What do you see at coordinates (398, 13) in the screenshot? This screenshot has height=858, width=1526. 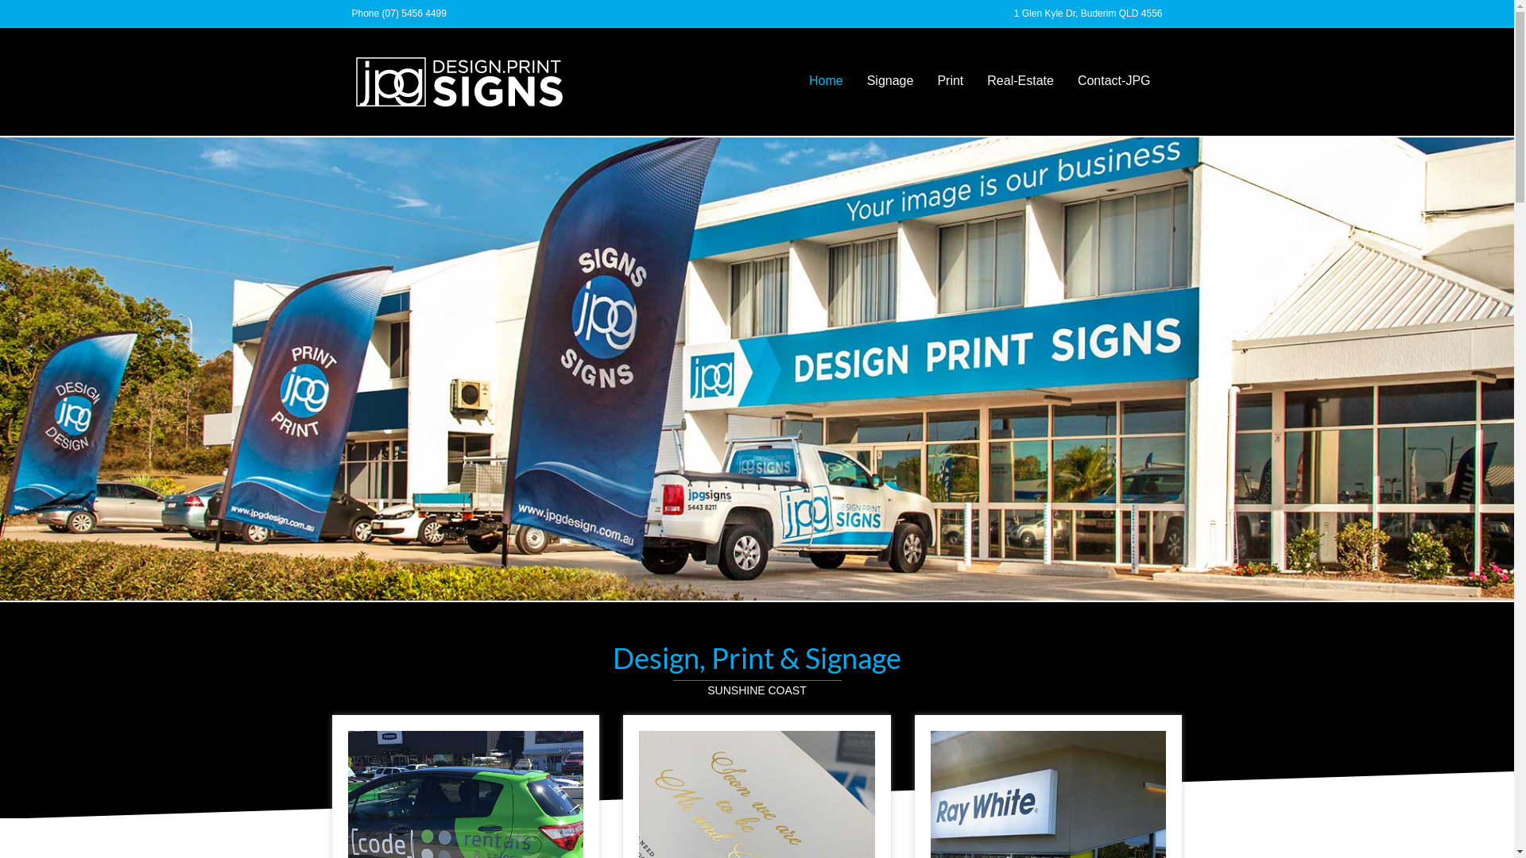 I see `'Phone (07) 5456 4499'` at bounding box center [398, 13].